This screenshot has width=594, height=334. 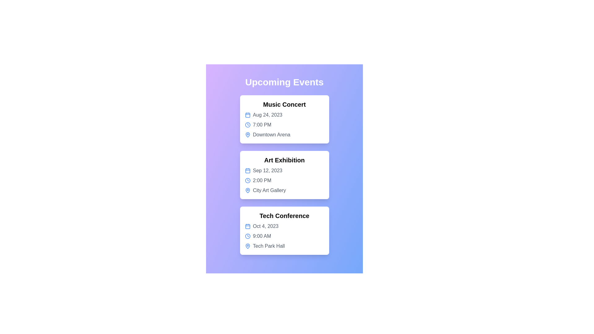 What do you see at coordinates (247, 236) in the screenshot?
I see `the outermost circular shape of the clock icon located next to '9:00 AM' for the 'Tech Conference' card in the bottom section of the interface` at bounding box center [247, 236].